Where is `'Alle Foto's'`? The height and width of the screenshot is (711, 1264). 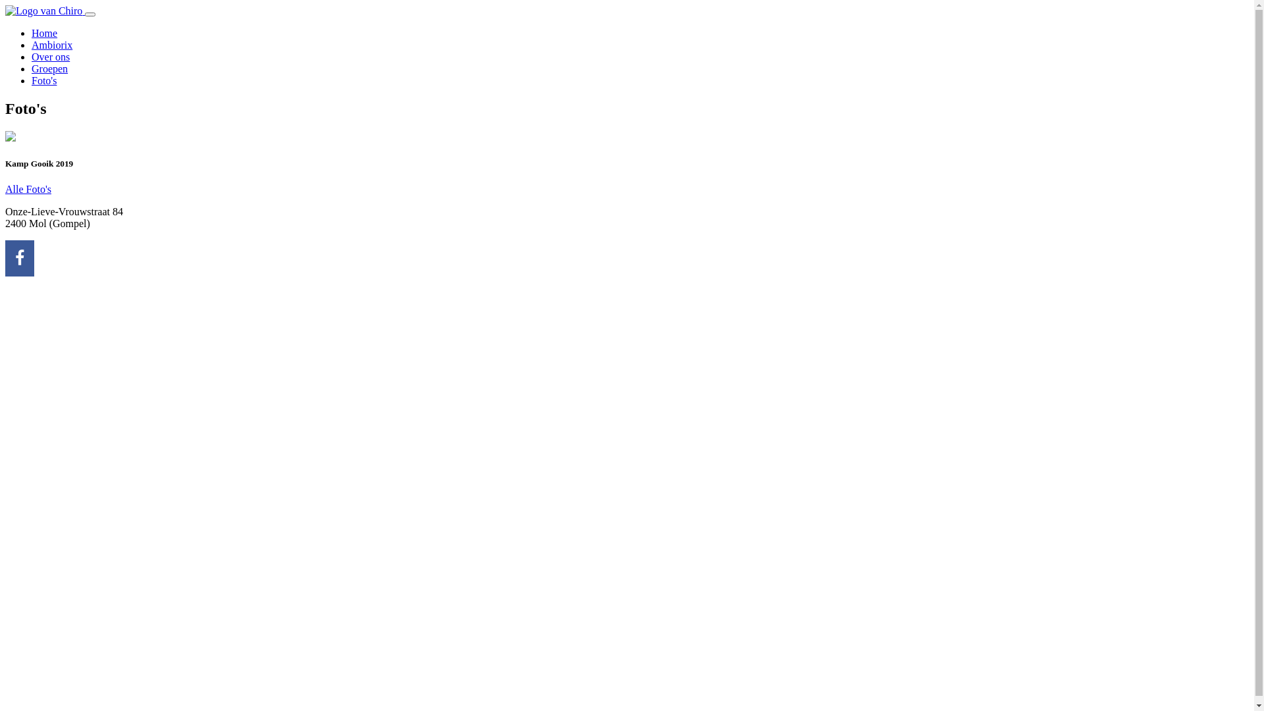 'Alle Foto's' is located at coordinates (28, 189).